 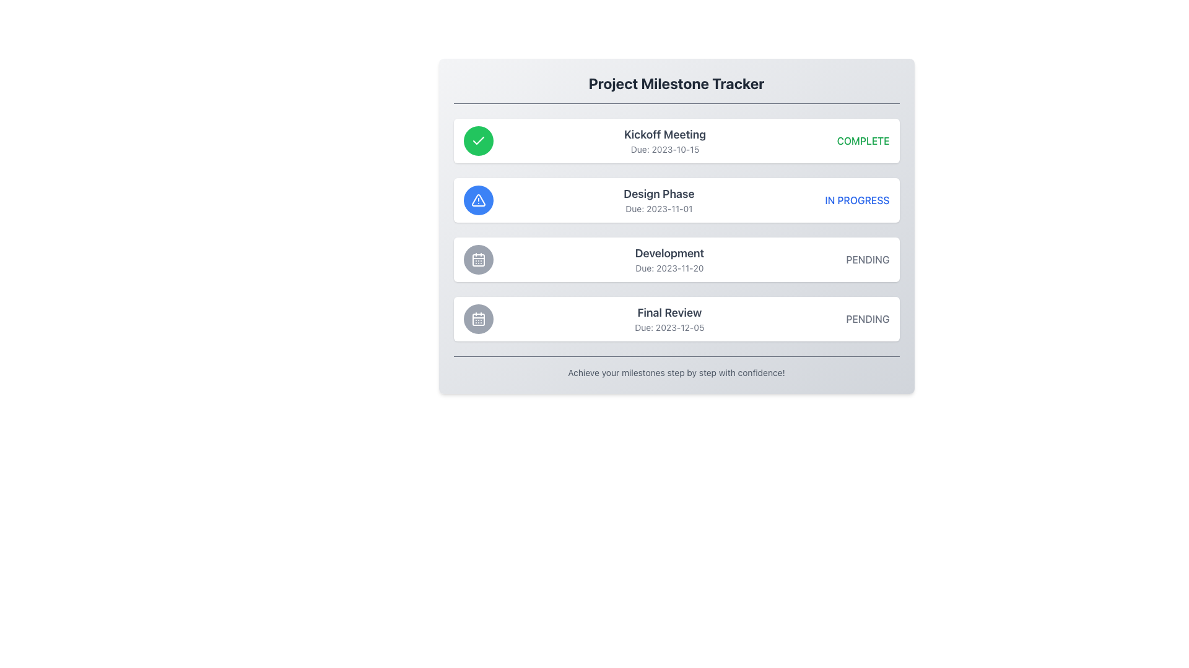 I want to click on the text label displaying 'Project Milestone Tracker' in bold, extra-large font located at the top of the milestone tracker interface, so click(x=676, y=83).